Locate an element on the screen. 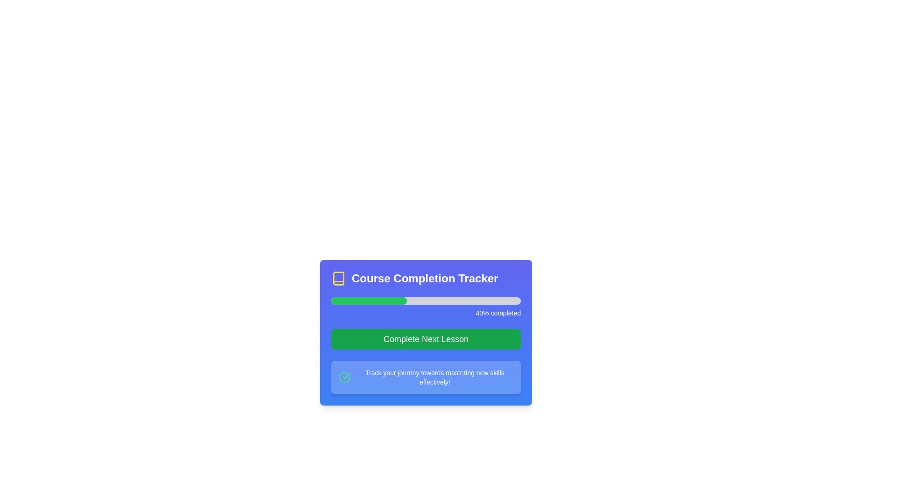 This screenshot has height=504, width=897. the visual indicator icon located to the left of the text 'Track your journey towards mastering new skills effectively!' at the bottom of the card layout is located at coordinates (344, 377).